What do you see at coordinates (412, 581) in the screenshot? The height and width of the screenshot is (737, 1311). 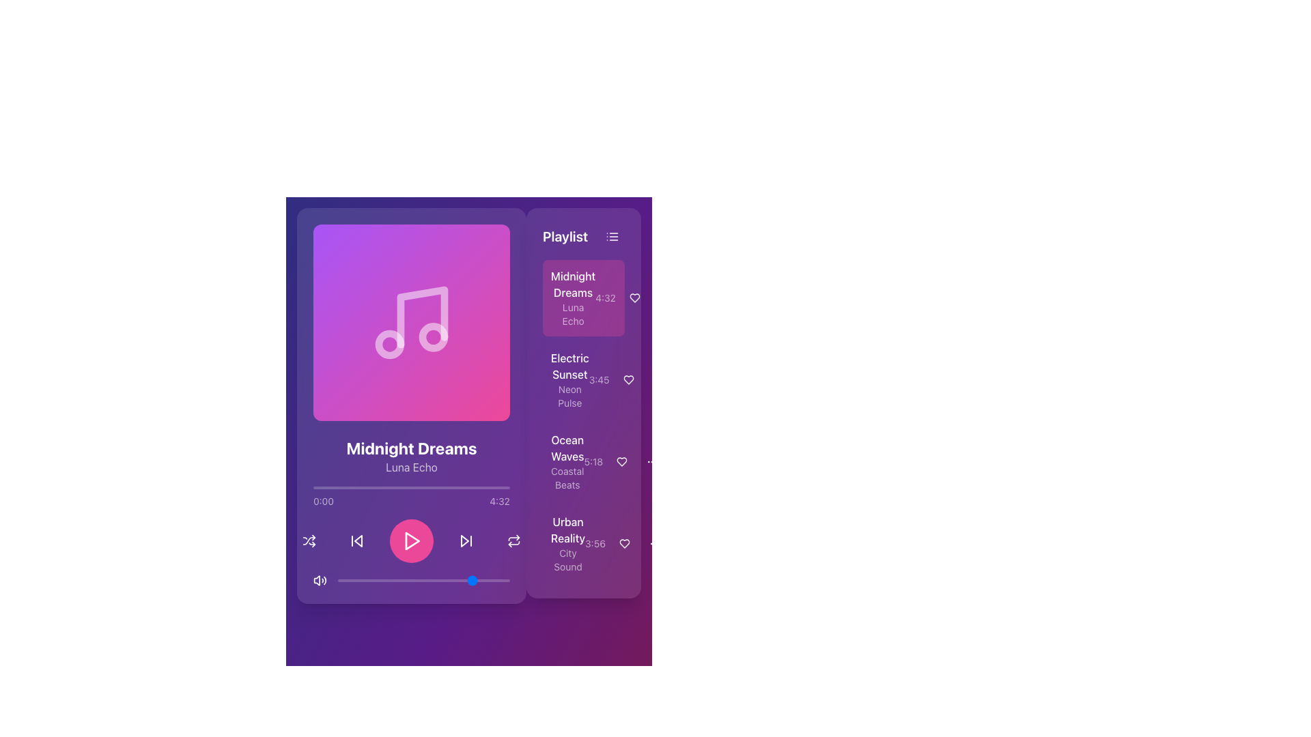 I see `the slider` at bounding box center [412, 581].